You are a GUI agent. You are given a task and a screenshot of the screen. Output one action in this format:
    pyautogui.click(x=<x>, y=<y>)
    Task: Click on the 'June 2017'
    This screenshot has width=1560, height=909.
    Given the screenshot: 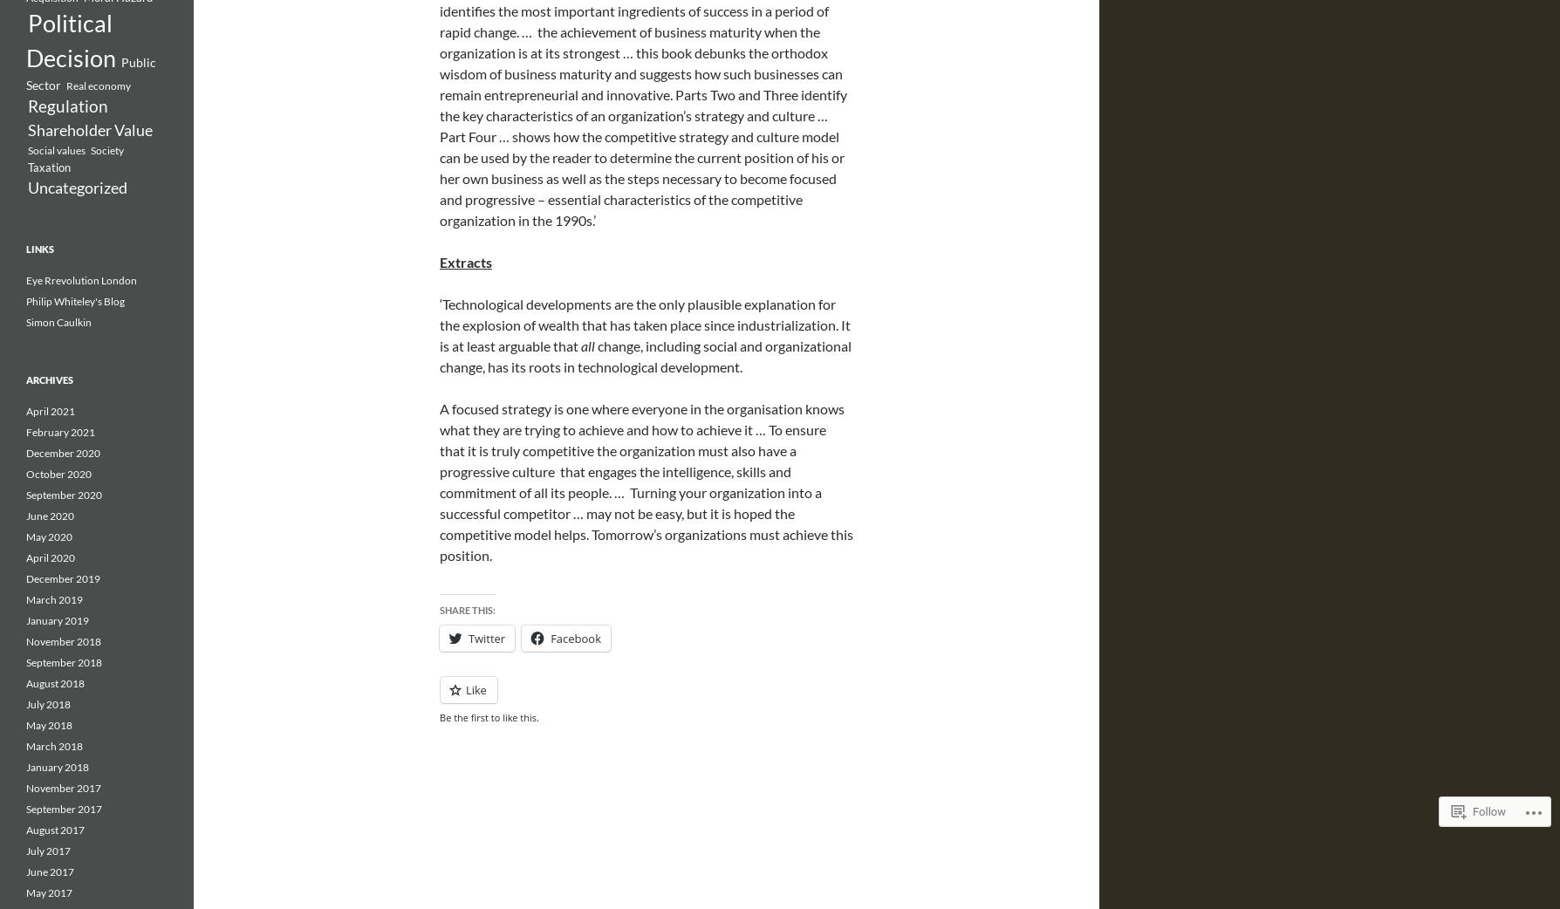 What is the action you would take?
    pyautogui.click(x=50, y=871)
    